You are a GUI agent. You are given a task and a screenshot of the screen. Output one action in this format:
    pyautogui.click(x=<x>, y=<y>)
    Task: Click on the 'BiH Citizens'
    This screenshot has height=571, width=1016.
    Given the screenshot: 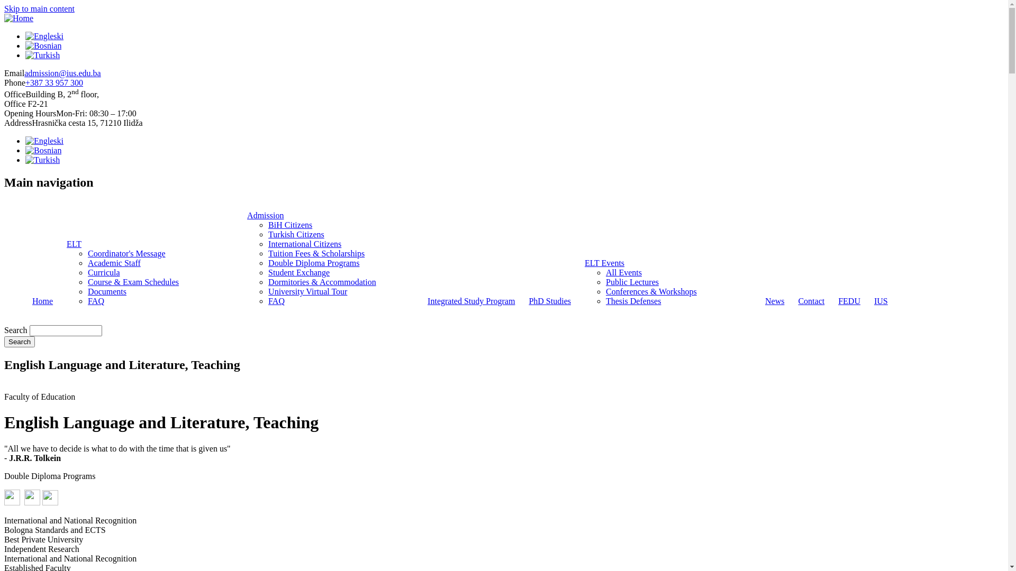 What is the action you would take?
    pyautogui.click(x=290, y=224)
    